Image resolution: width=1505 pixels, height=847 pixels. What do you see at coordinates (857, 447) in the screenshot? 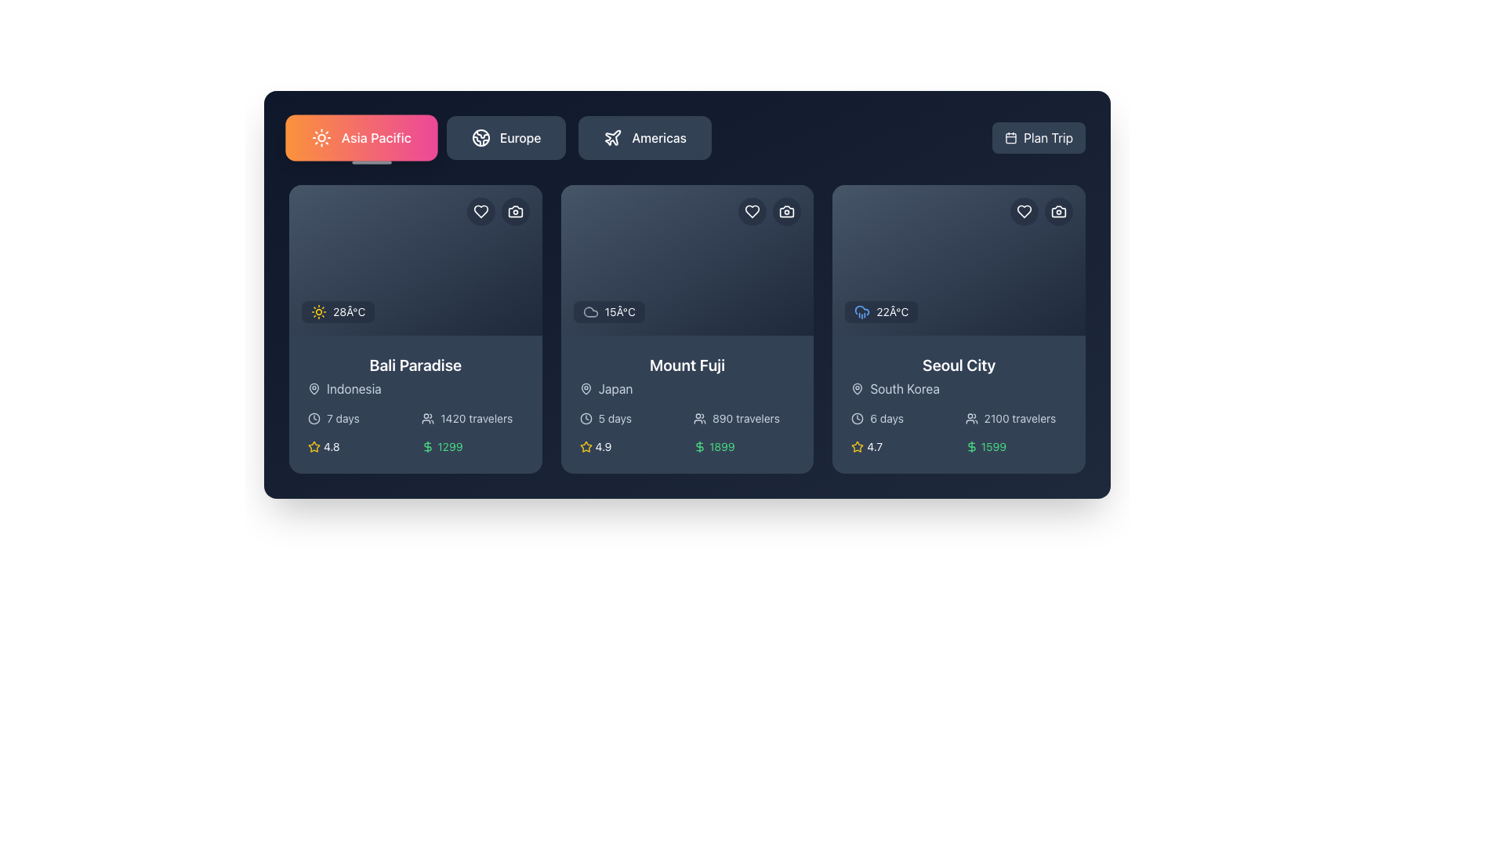
I see `the first star icon representing the rating of 'Seoul City', located in the third card section of the UI` at bounding box center [857, 447].